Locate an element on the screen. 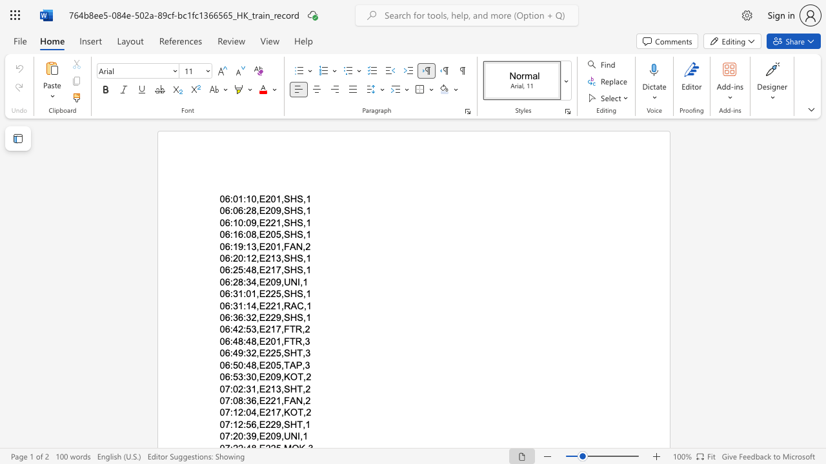 Image resolution: width=826 pixels, height=464 pixels. the space between the continuous character "E" and "2" in the text is located at coordinates (265, 222).